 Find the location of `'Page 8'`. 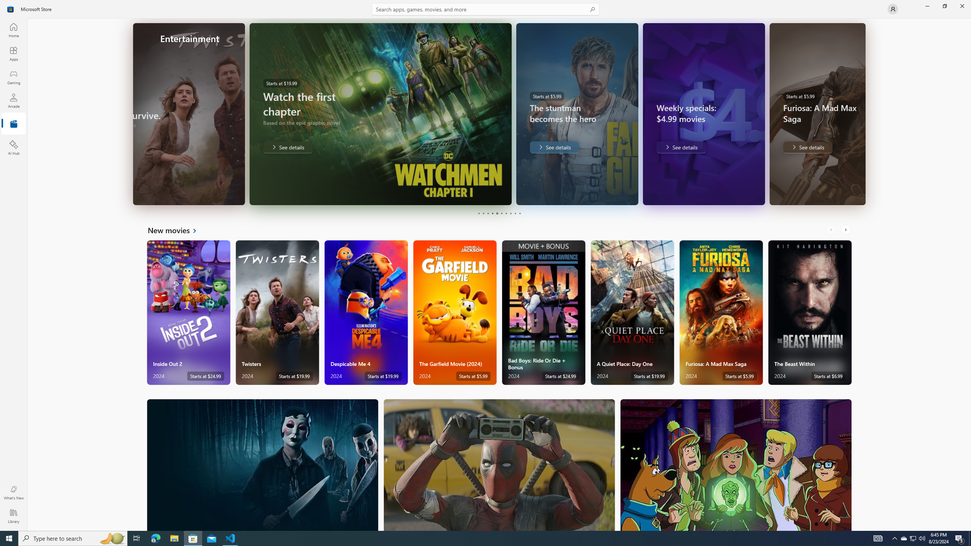

'Page 8' is located at coordinates (510, 213).